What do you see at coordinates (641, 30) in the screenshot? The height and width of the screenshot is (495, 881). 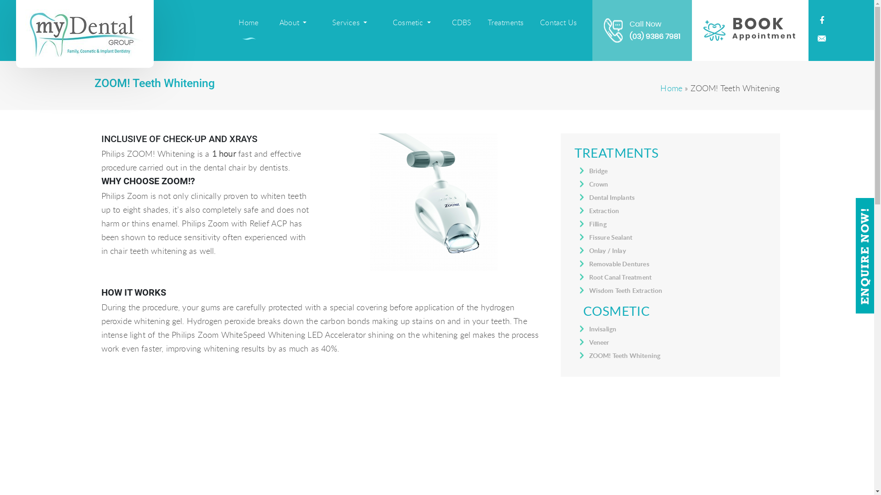 I see `'Call Now` at bounding box center [641, 30].